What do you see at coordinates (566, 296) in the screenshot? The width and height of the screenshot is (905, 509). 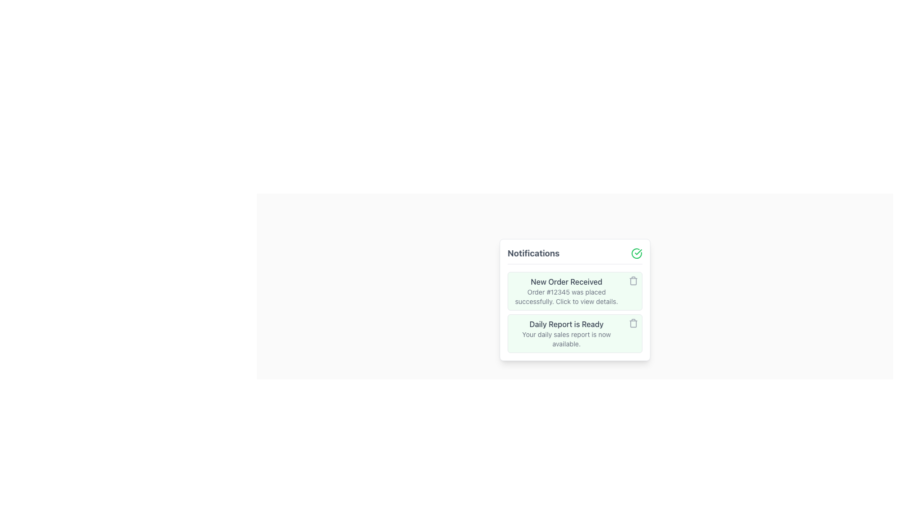 I see `text label that provides details about the new order notification, which is located below the heading 'New Order Received' in the notification panel` at bounding box center [566, 296].